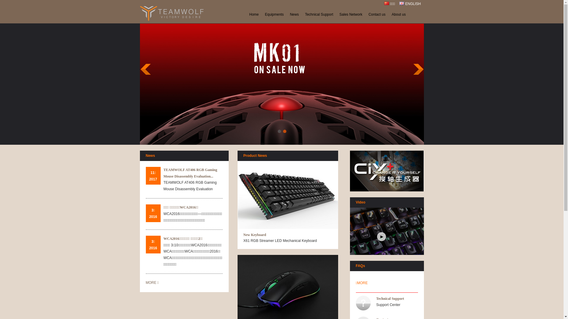  I want to click on 'Technical Support', so click(302, 14).